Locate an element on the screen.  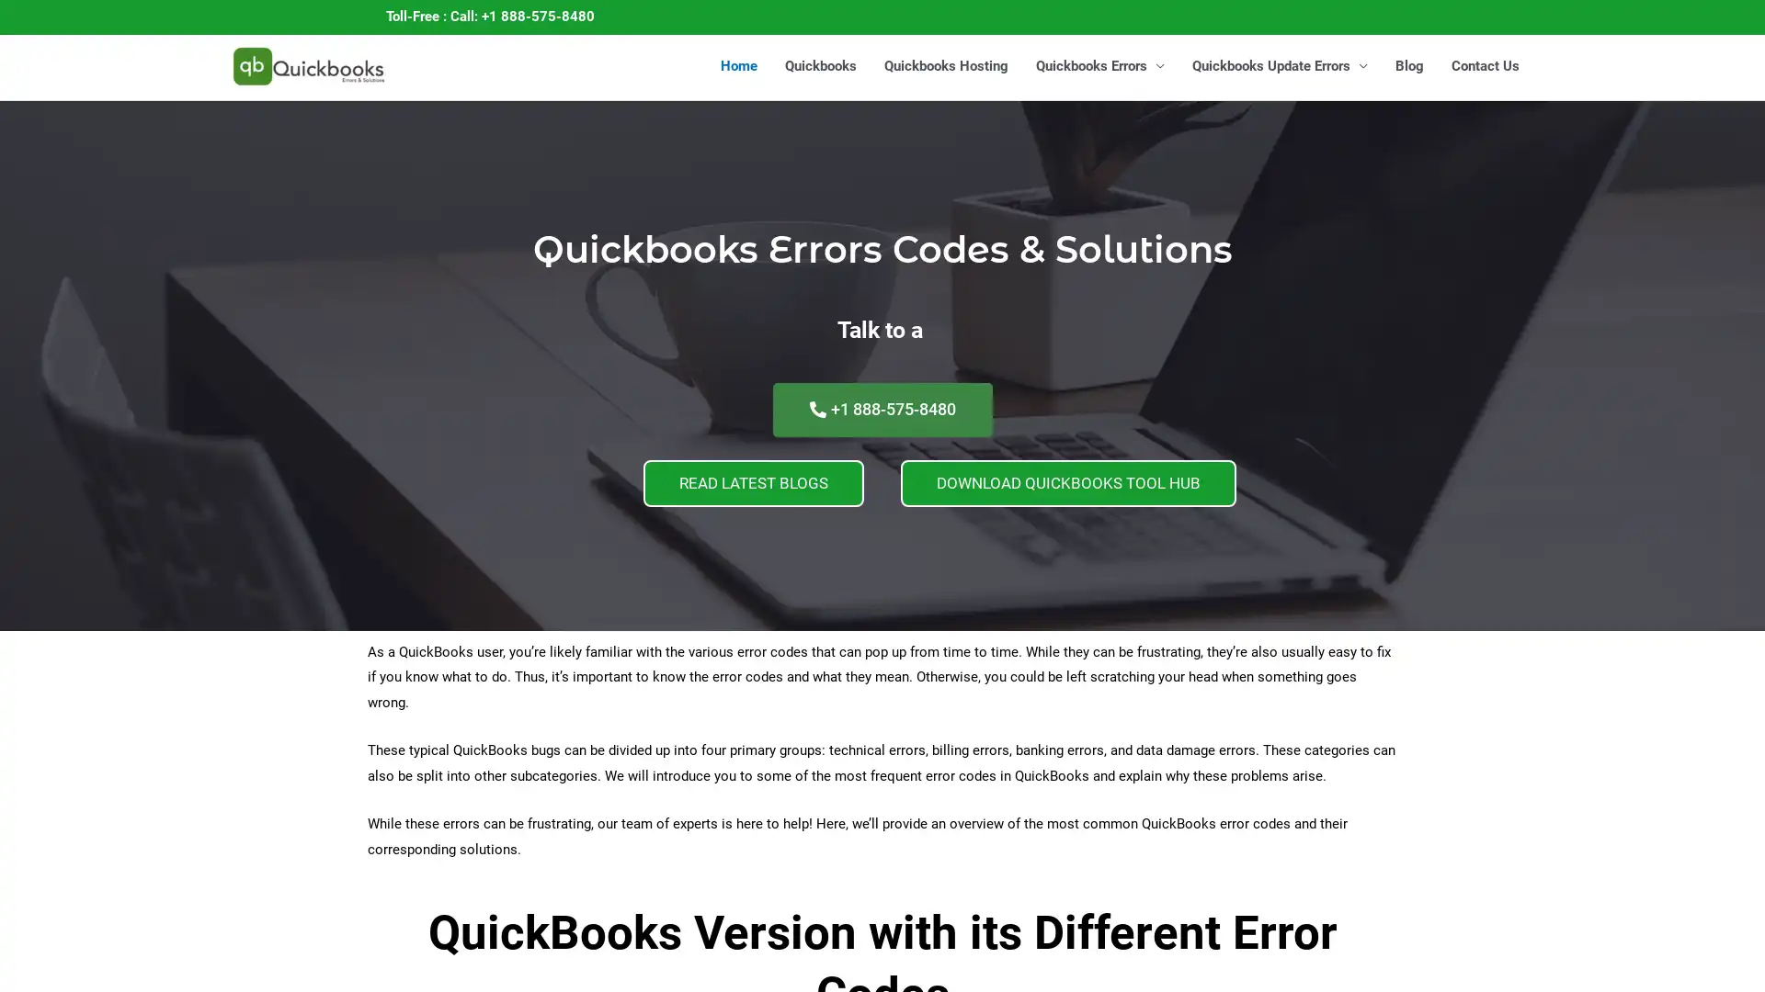
+1 888-575-8480 is located at coordinates (881, 408).